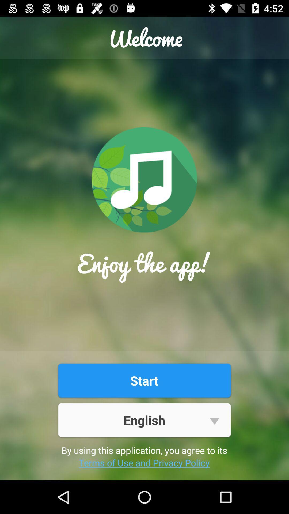 The width and height of the screenshot is (289, 514). Describe the element at coordinates (144, 420) in the screenshot. I see `item below the start button` at that location.